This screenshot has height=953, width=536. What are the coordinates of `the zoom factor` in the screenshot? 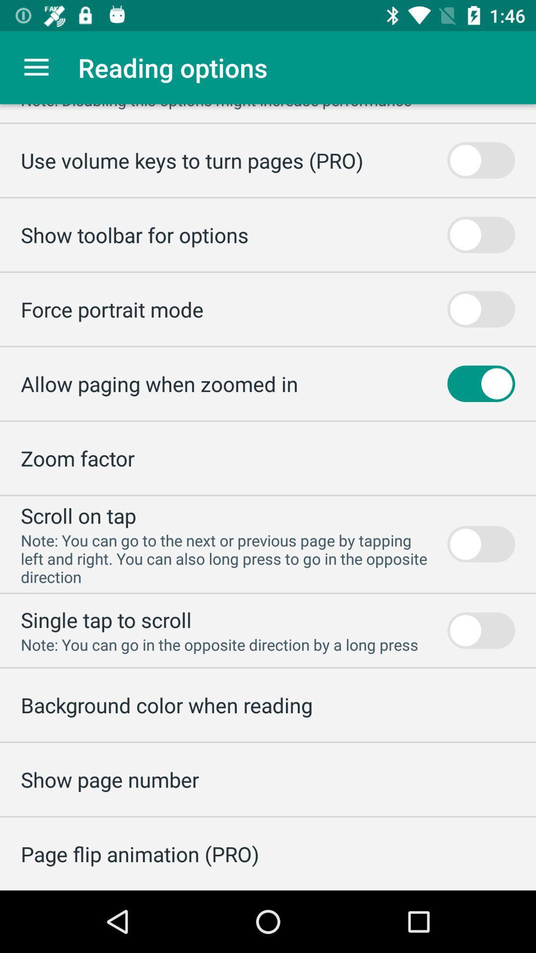 It's located at (77, 458).